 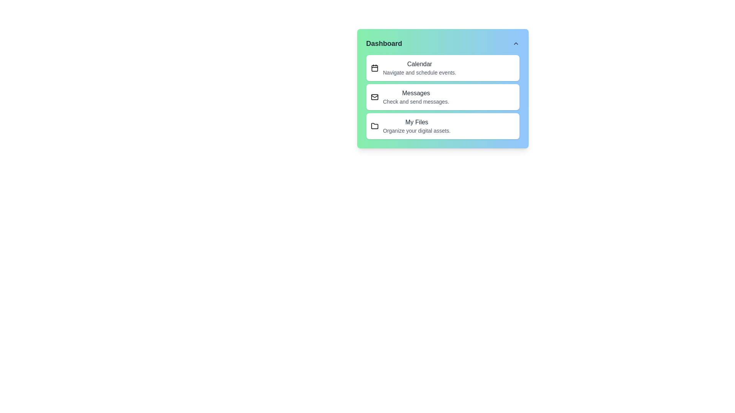 I want to click on the menu item Calendar to observe hover effects, so click(x=443, y=67).